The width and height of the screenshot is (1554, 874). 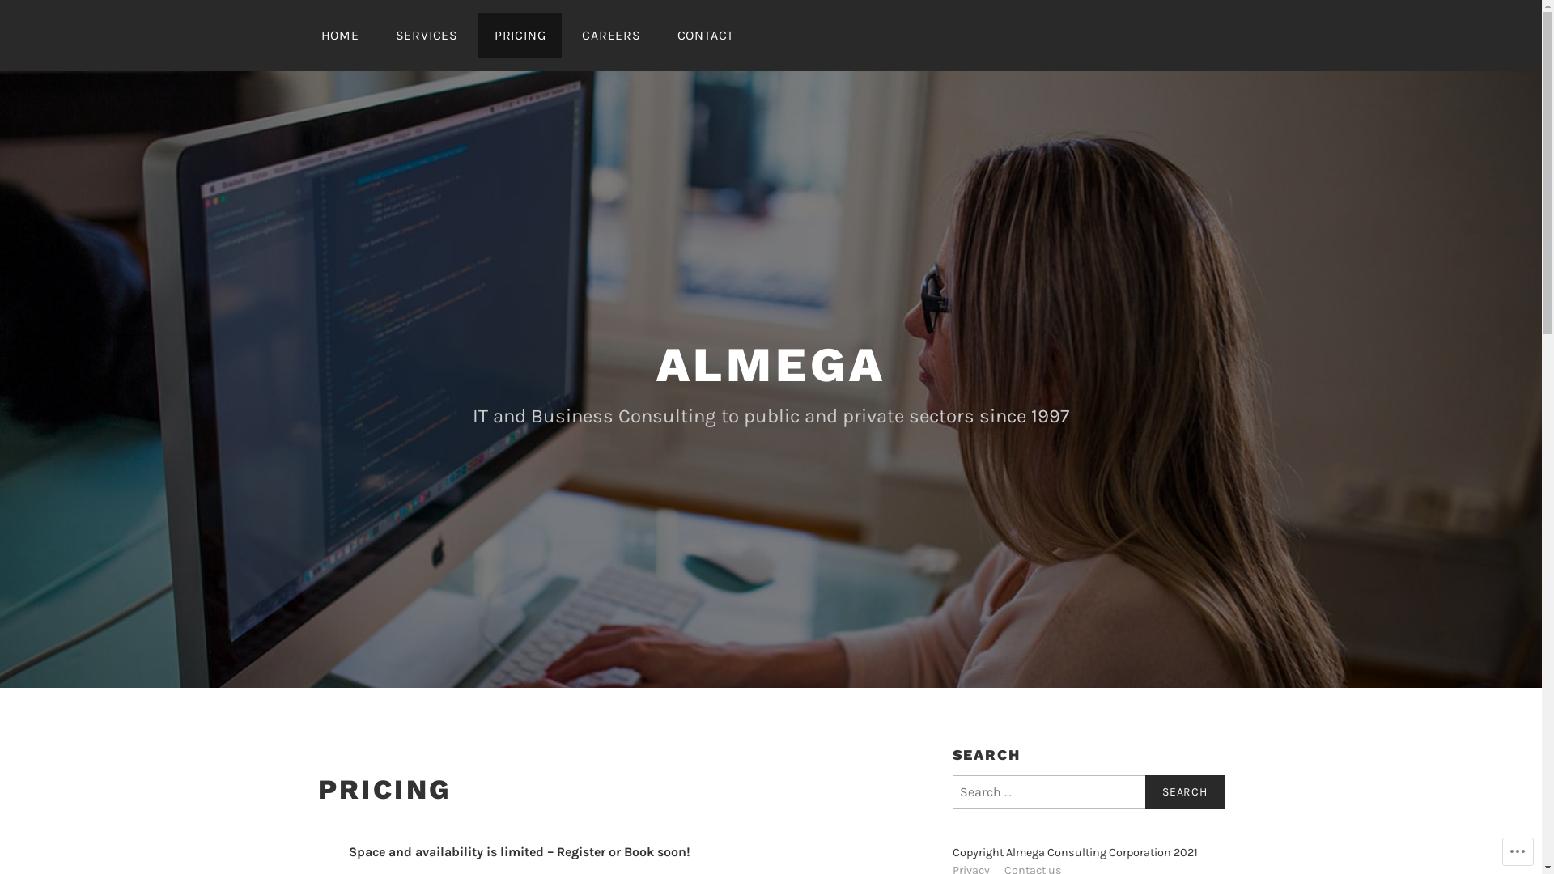 I want to click on 'Search', so click(x=1184, y=791).